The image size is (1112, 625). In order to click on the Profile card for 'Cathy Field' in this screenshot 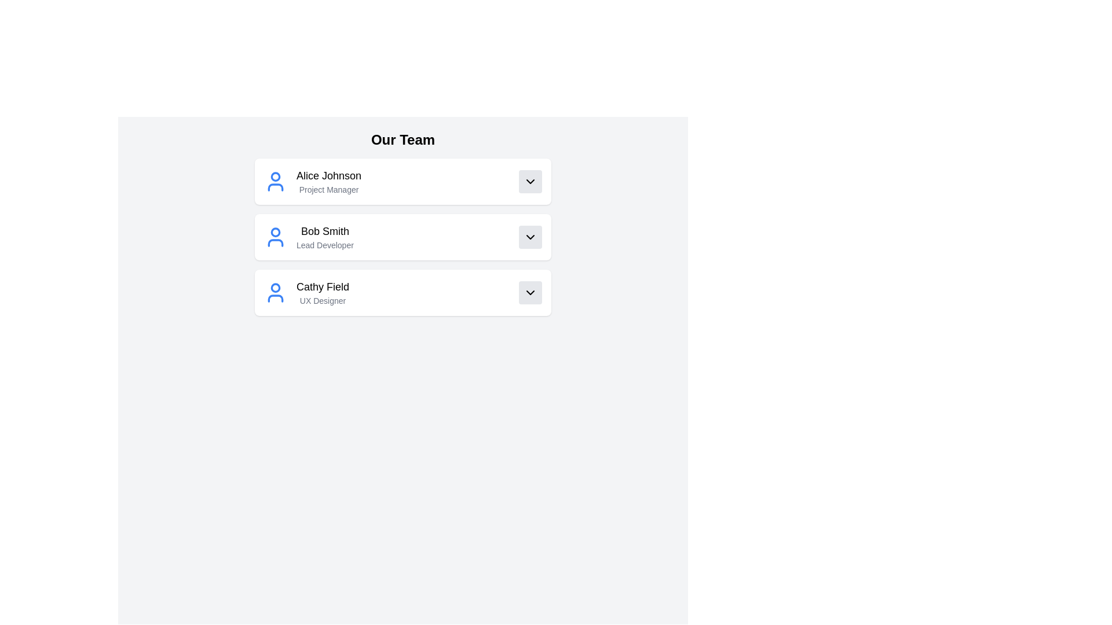, I will do `click(403, 292)`.